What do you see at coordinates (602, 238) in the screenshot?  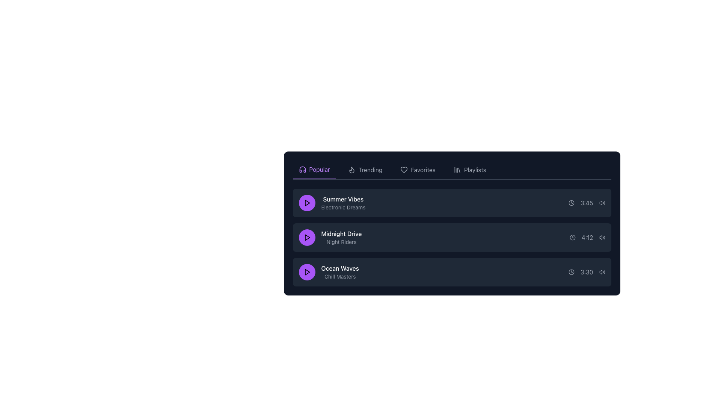 I see `the speaker icon with sound waves, which is styled in light gray and positioned to the right of the '4:12' text label in a dark-themed interface` at bounding box center [602, 238].